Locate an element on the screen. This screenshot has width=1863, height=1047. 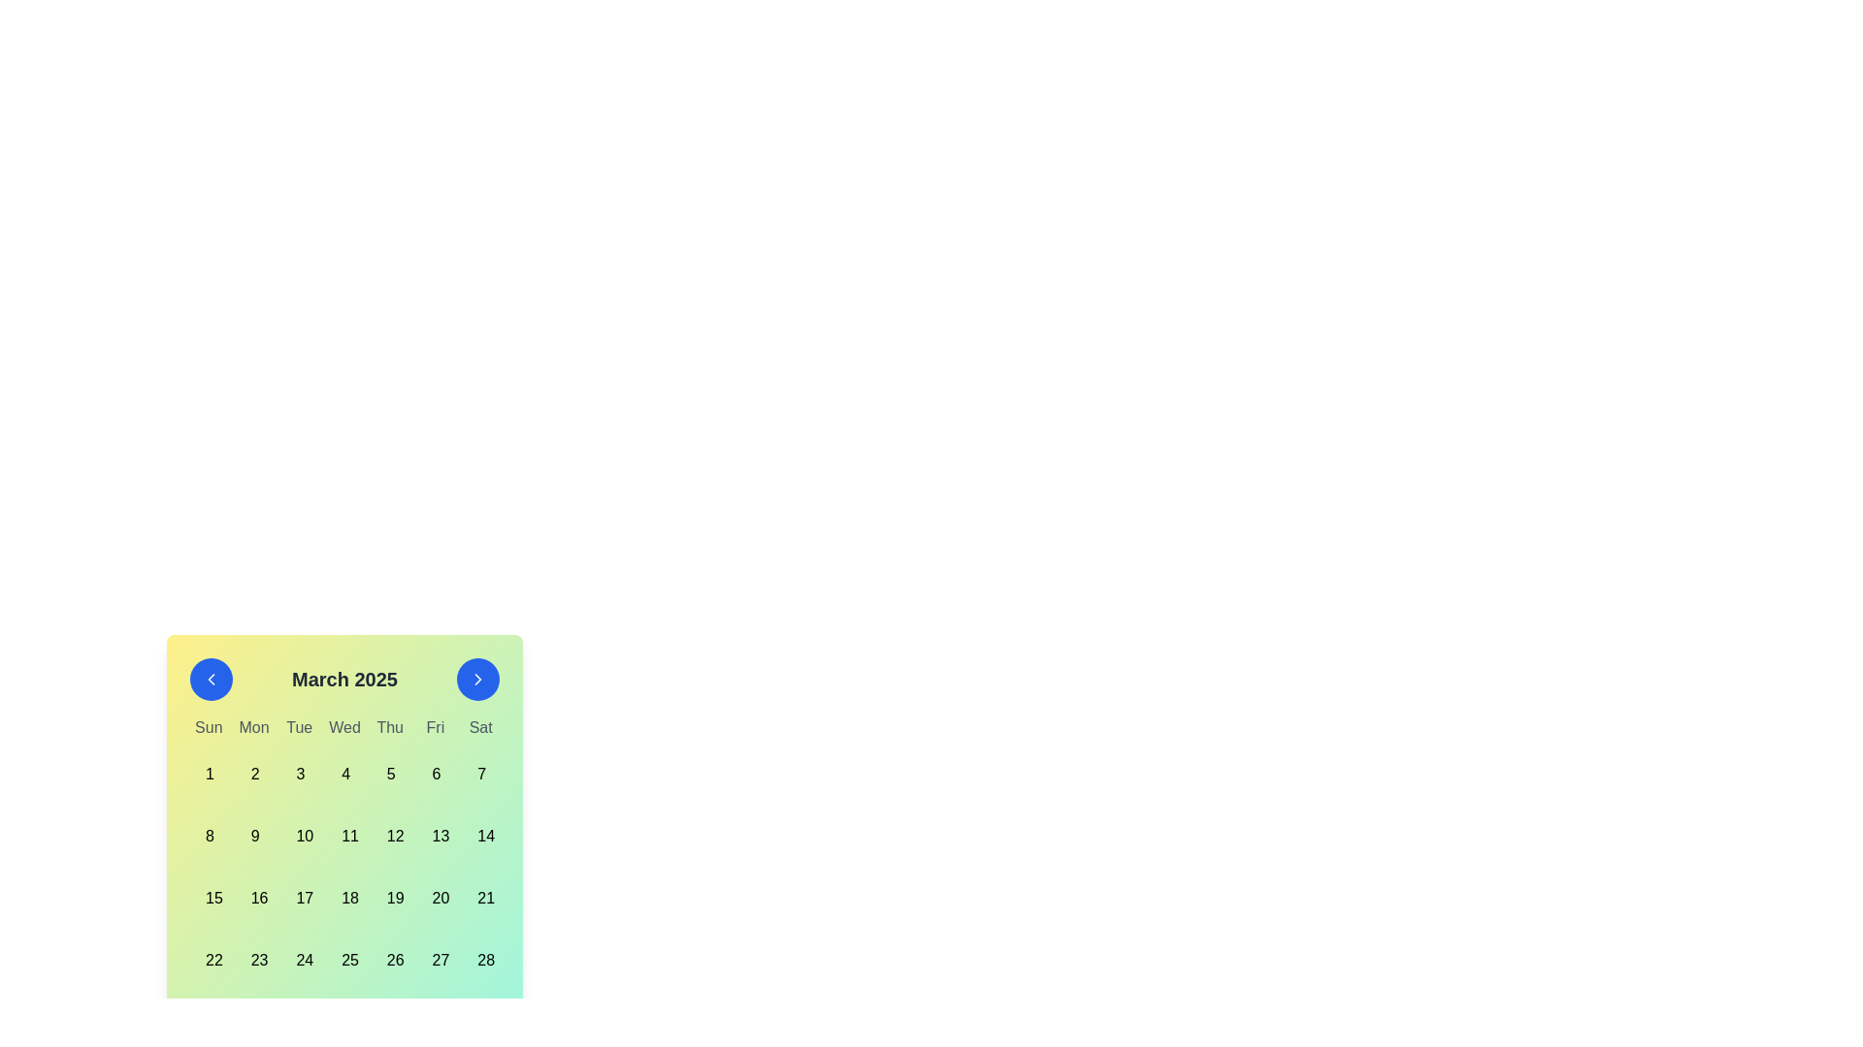
the Calendar date cell displaying the number '21' located in the seventh column (Saturday) of the fourth row in the calendar grid is located at coordinates (480, 898).